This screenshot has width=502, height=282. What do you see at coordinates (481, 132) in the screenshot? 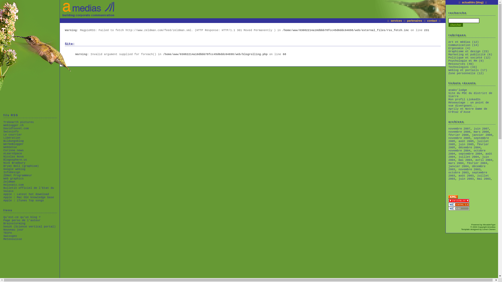
I see `'mars 2006'` at bounding box center [481, 132].